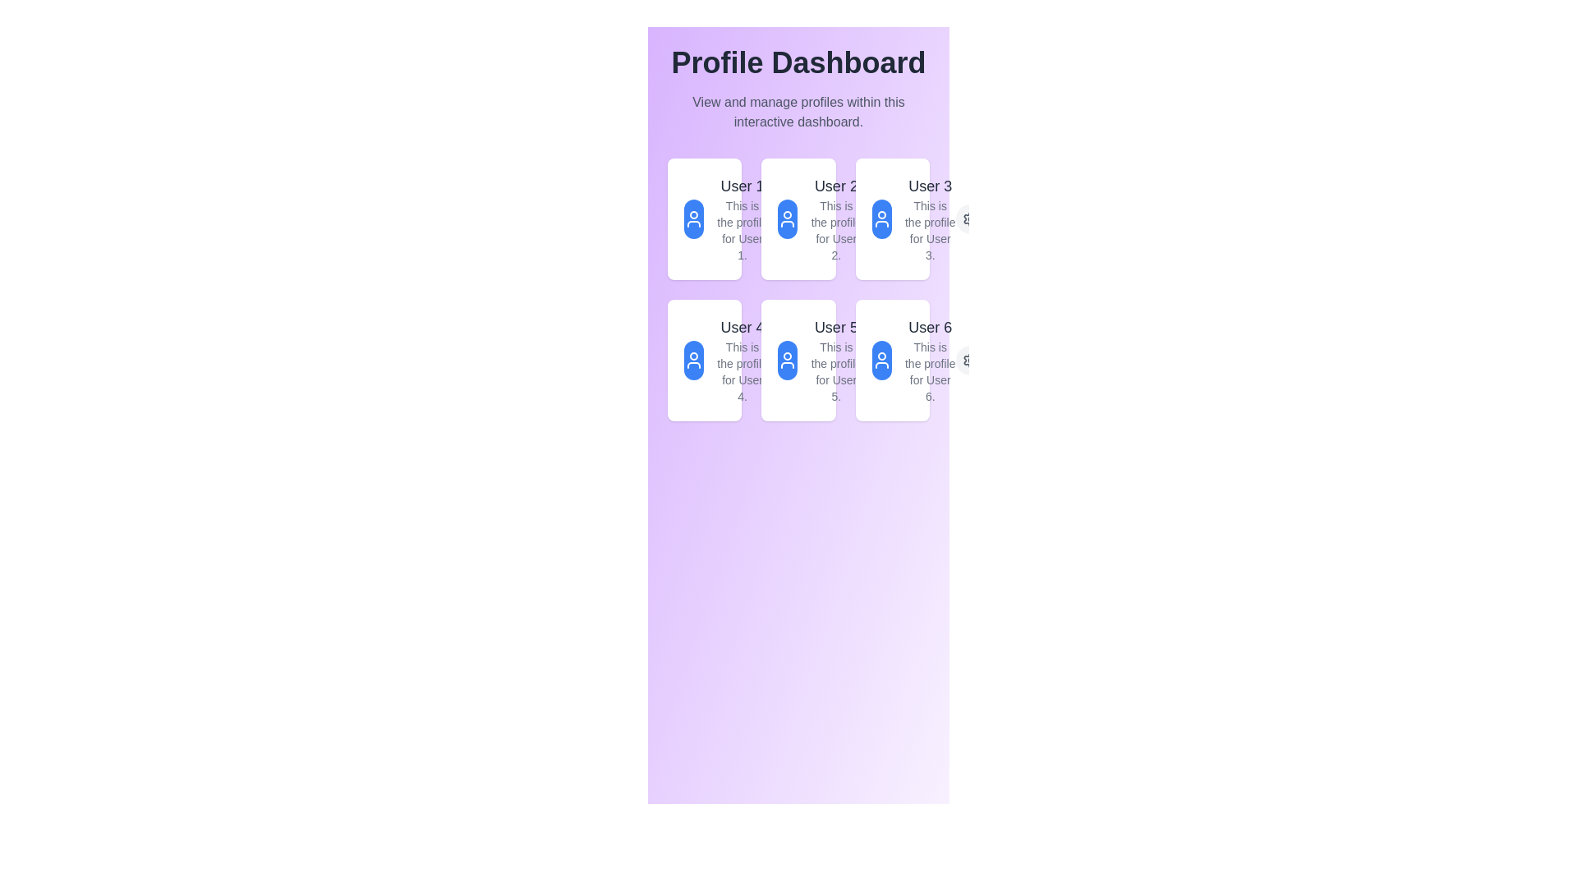 Image resolution: width=1577 pixels, height=887 pixels. What do you see at coordinates (724, 360) in the screenshot?
I see `displayed user data from the Profile Card for 'User 4', located in the second row, first column of the card grid under the 'Profile Dashboard' heading` at bounding box center [724, 360].